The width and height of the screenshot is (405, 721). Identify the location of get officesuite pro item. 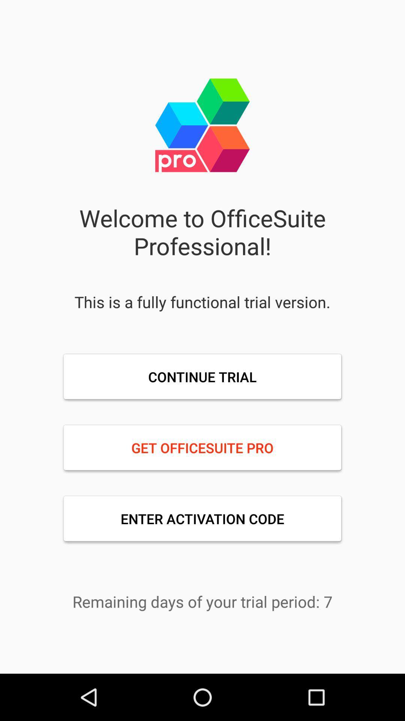
(202, 448).